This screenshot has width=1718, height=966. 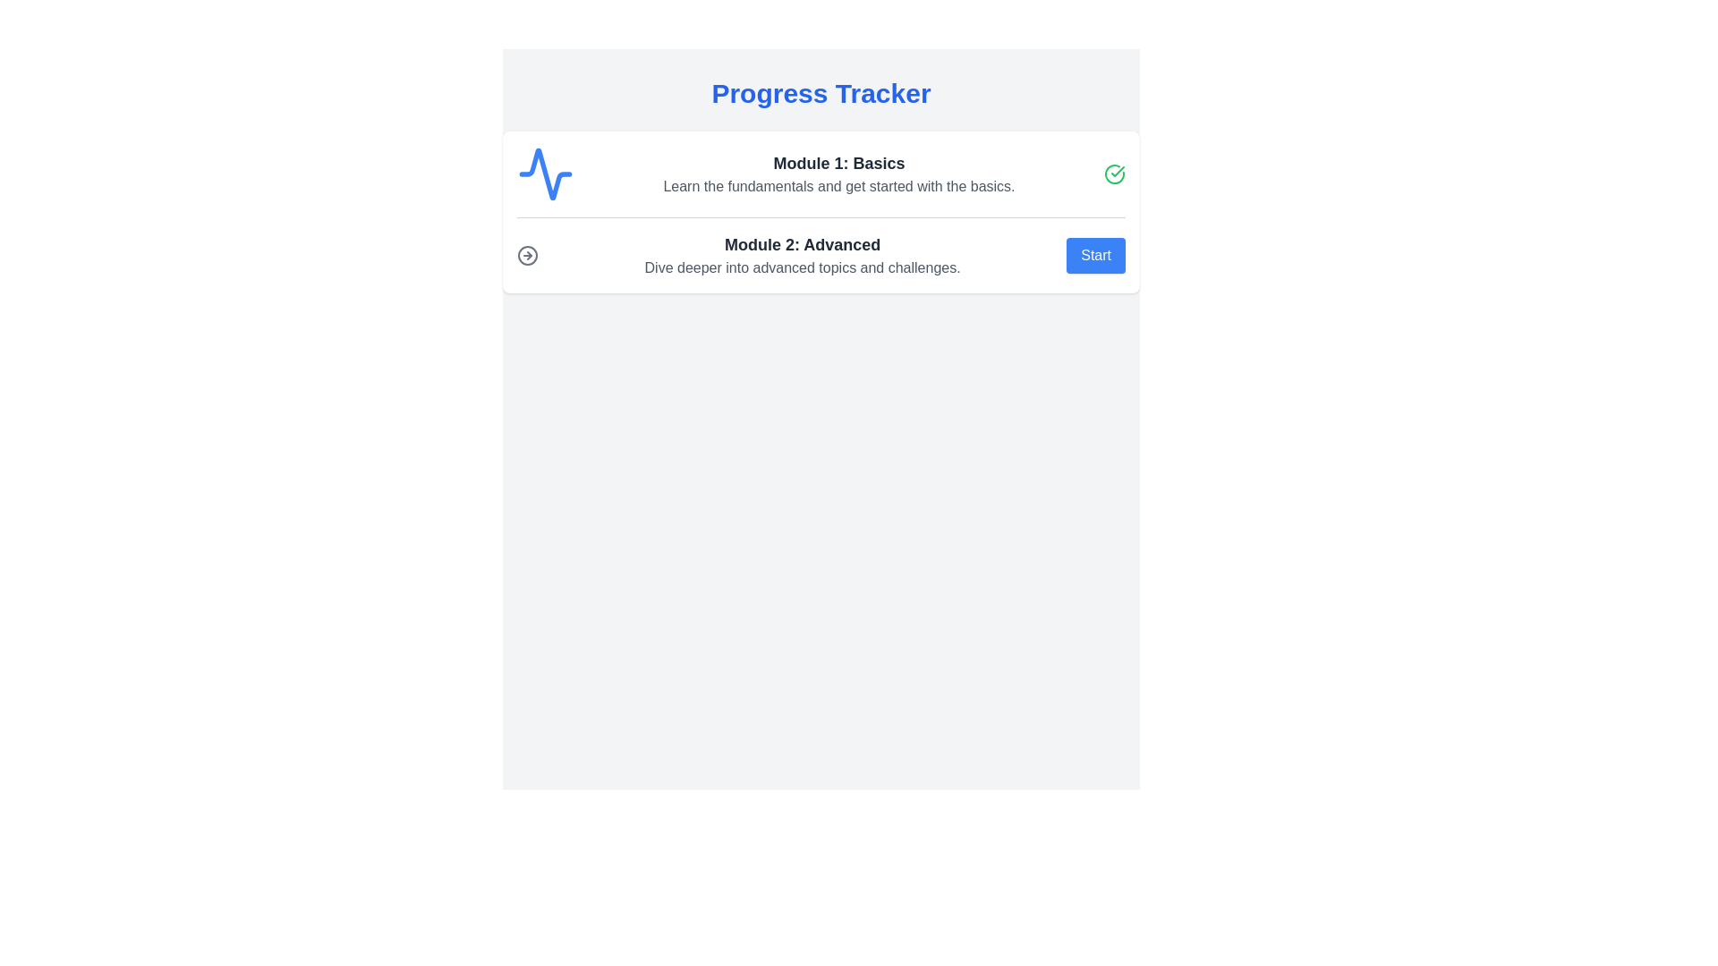 What do you see at coordinates (820, 93) in the screenshot?
I see `the prominent heading text label 'Progress Tracker' which is large, bold, and blue, located at the top center of the gray-themed layout` at bounding box center [820, 93].